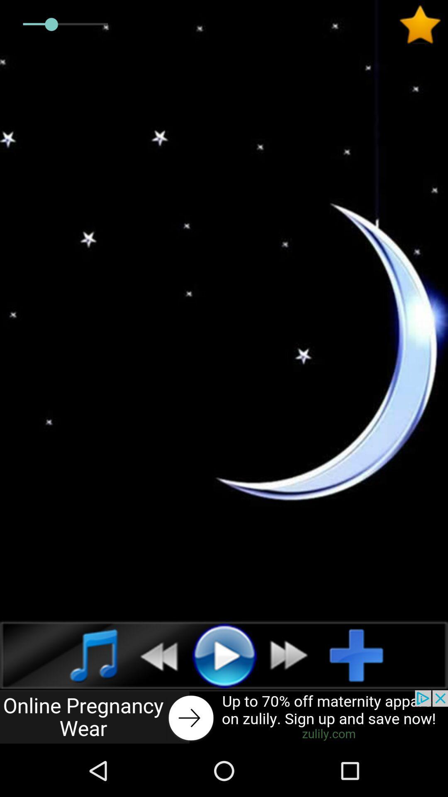 The width and height of the screenshot is (448, 797). I want to click on the add icon, so click(363, 655).